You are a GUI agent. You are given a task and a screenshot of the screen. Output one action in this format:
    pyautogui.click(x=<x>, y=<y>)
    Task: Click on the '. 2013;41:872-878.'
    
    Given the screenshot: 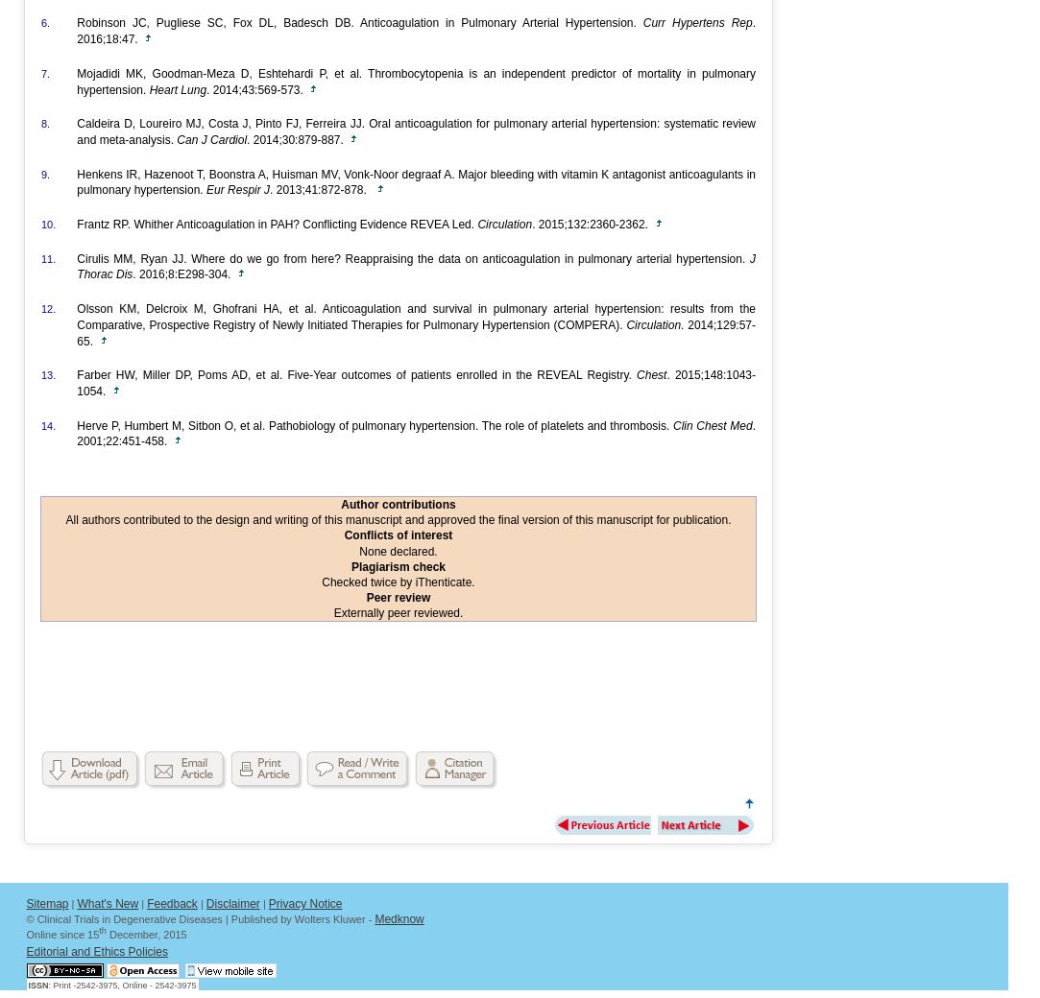 What is the action you would take?
    pyautogui.click(x=321, y=190)
    